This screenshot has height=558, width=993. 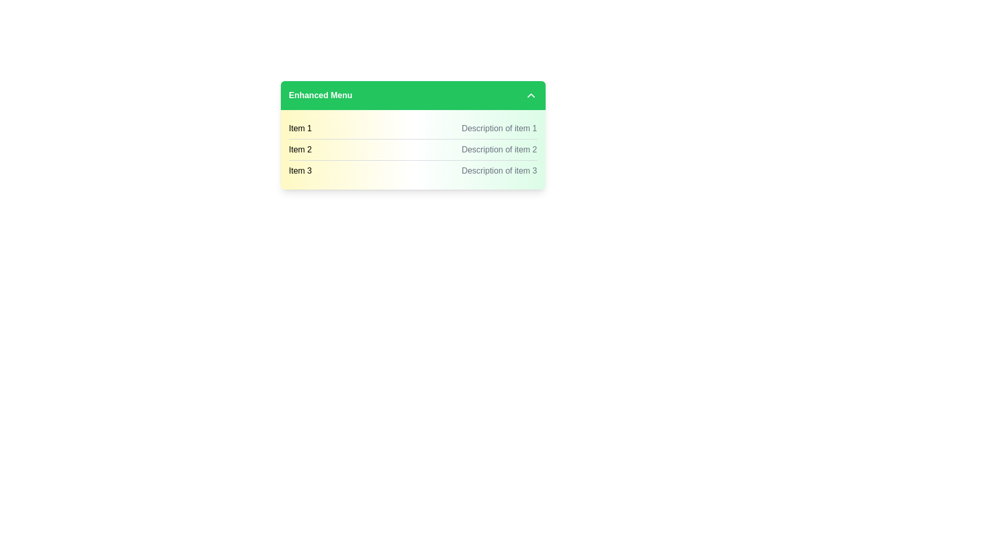 I want to click on the section of the UI that the 'Enhanced Menu' label belongs to, which is located, so click(x=320, y=96).